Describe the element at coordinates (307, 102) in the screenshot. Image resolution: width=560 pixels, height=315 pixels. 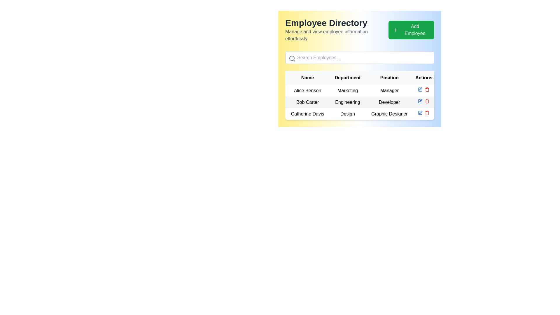
I see `the text label displaying the name of the employee in the directory interface, located below 'Alice Benson' in the 'Name' column of the employee directory table` at that location.